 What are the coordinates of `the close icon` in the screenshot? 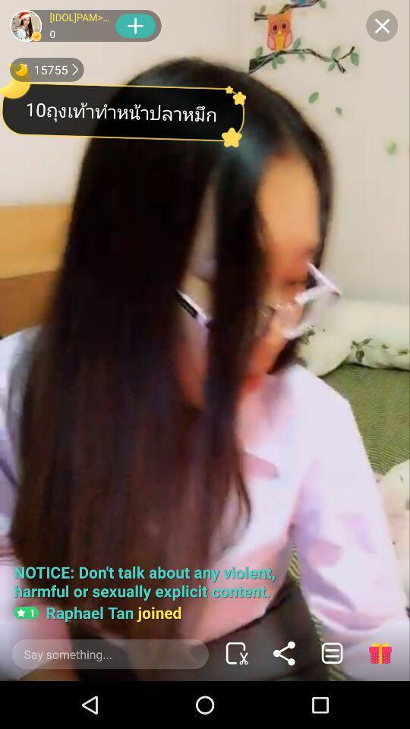 It's located at (381, 25).